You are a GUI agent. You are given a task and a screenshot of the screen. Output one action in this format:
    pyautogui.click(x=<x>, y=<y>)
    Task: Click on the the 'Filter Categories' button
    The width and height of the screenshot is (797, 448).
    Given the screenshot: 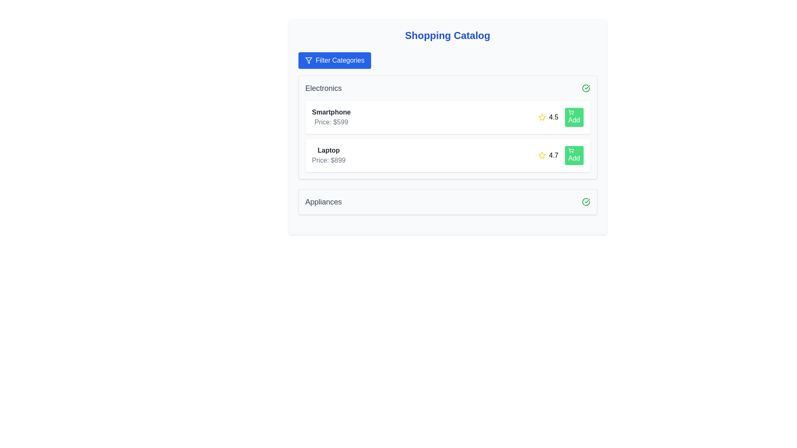 What is the action you would take?
    pyautogui.click(x=335, y=60)
    